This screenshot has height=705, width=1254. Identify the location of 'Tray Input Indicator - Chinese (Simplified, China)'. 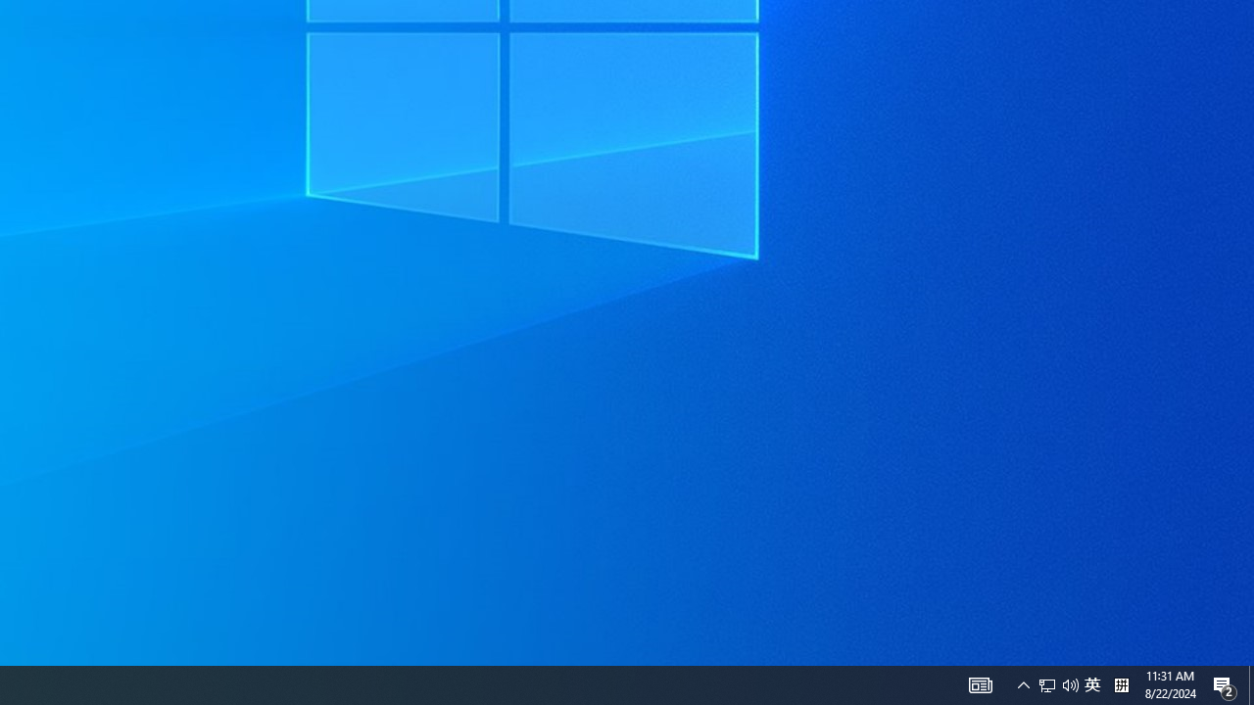
(1121, 683).